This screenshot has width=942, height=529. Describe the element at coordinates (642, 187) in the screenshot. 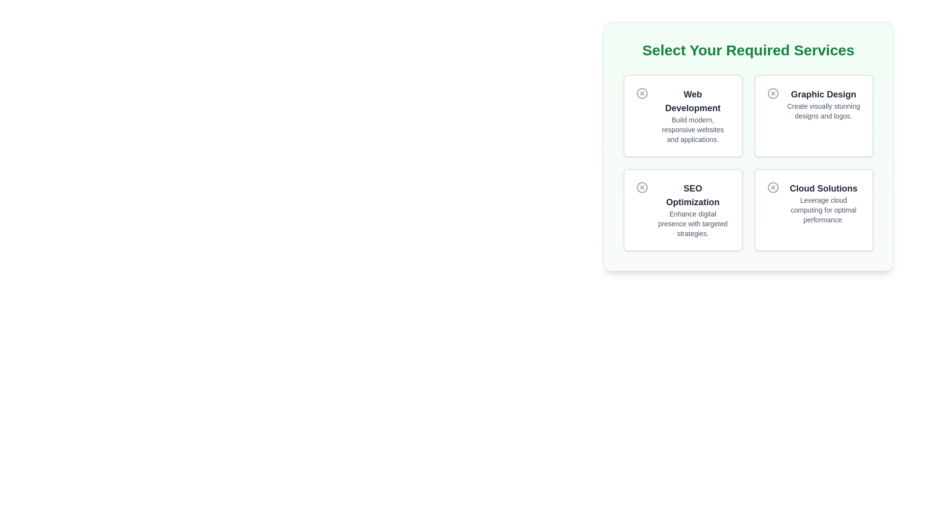

I see `the circular Close icon with a centered cross (X) located at the top-left corner of the 'SEO Optimization' card in the 'Select Your Required Services' section` at that location.